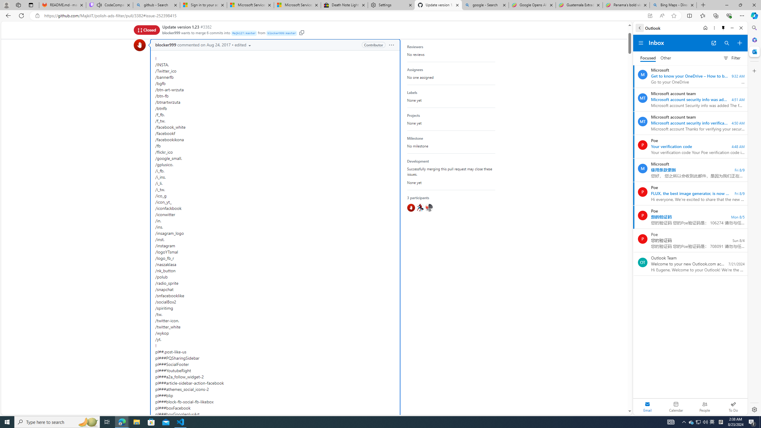 The height and width of the screenshot is (428, 761). Describe the element at coordinates (429, 207) in the screenshot. I see `'@MajkiIT'` at that location.